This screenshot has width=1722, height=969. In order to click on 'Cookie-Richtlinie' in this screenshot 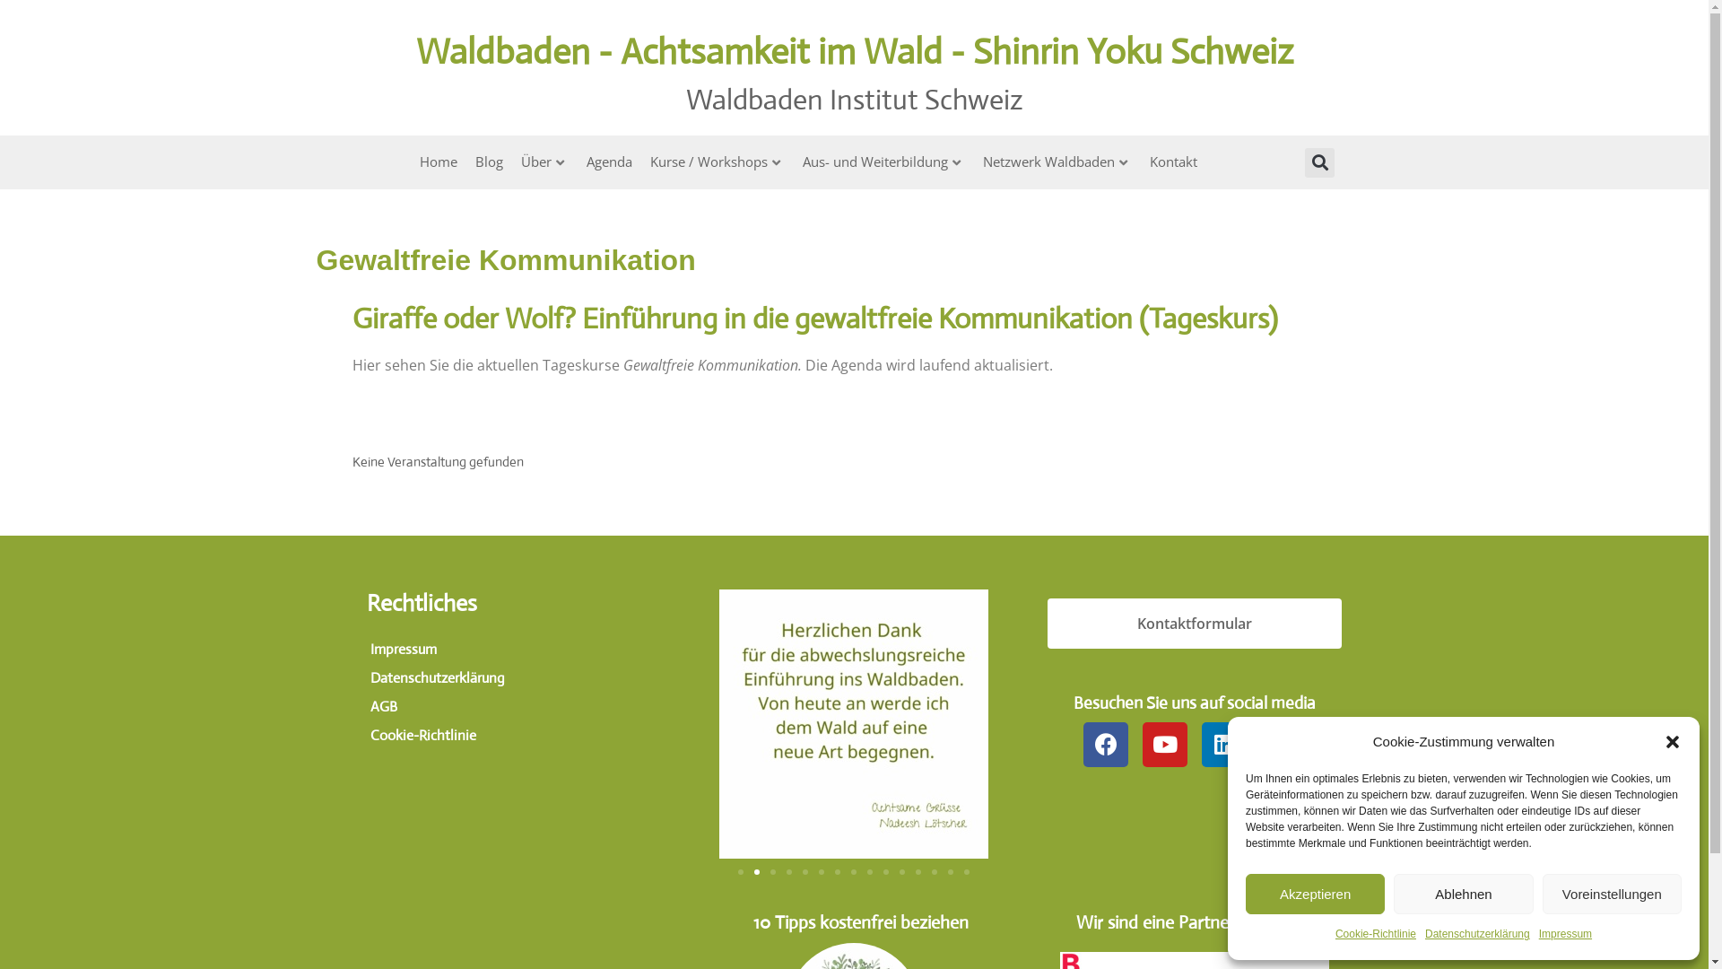, I will do `click(1335, 933)`.